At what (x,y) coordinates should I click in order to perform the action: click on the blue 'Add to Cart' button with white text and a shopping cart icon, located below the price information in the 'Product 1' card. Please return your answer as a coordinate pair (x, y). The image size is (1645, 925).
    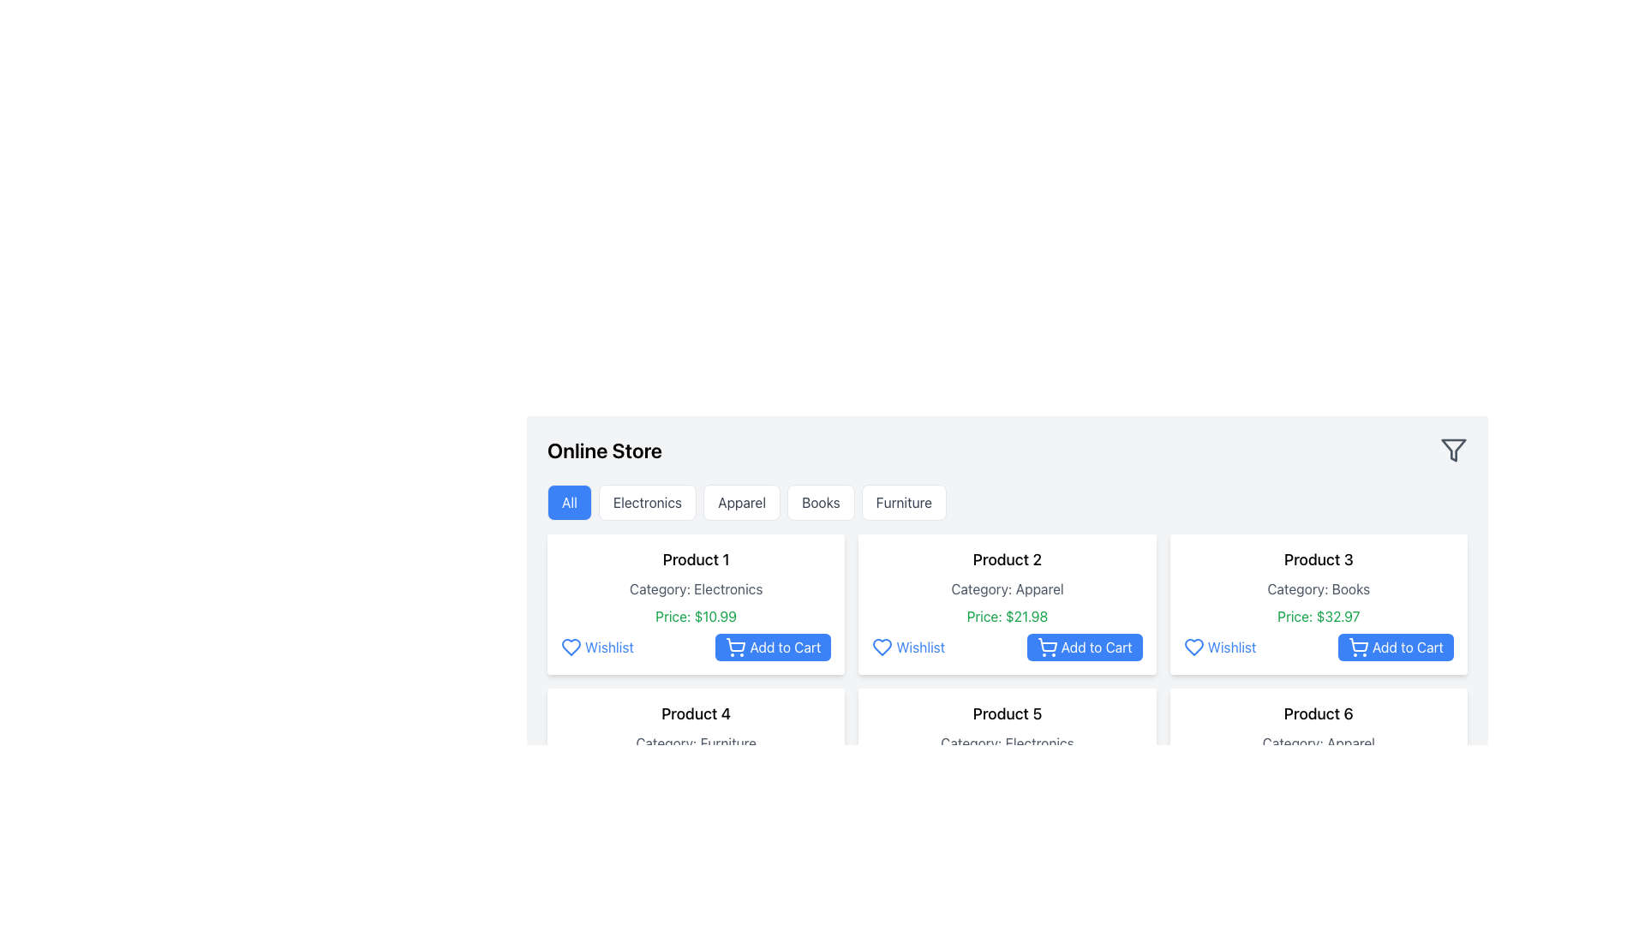
    Looking at the image, I should click on (772, 647).